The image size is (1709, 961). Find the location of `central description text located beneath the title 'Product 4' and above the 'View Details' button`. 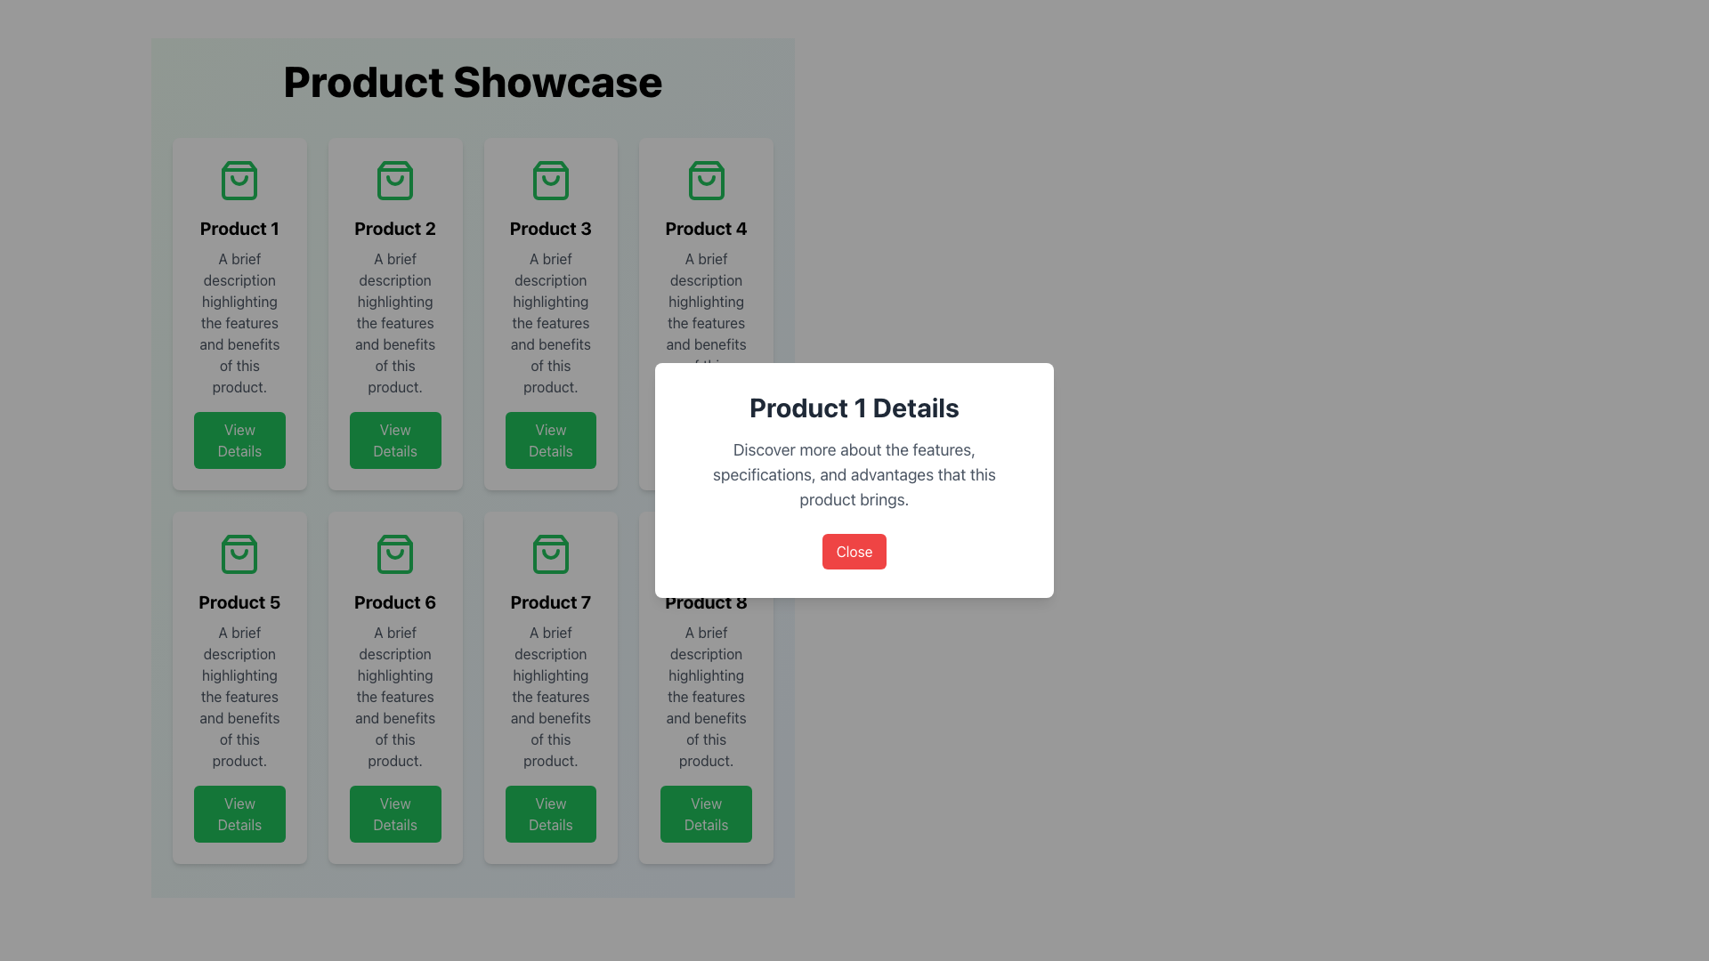

central description text located beneath the title 'Product 4' and above the 'View Details' button is located at coordinates (705, 322).